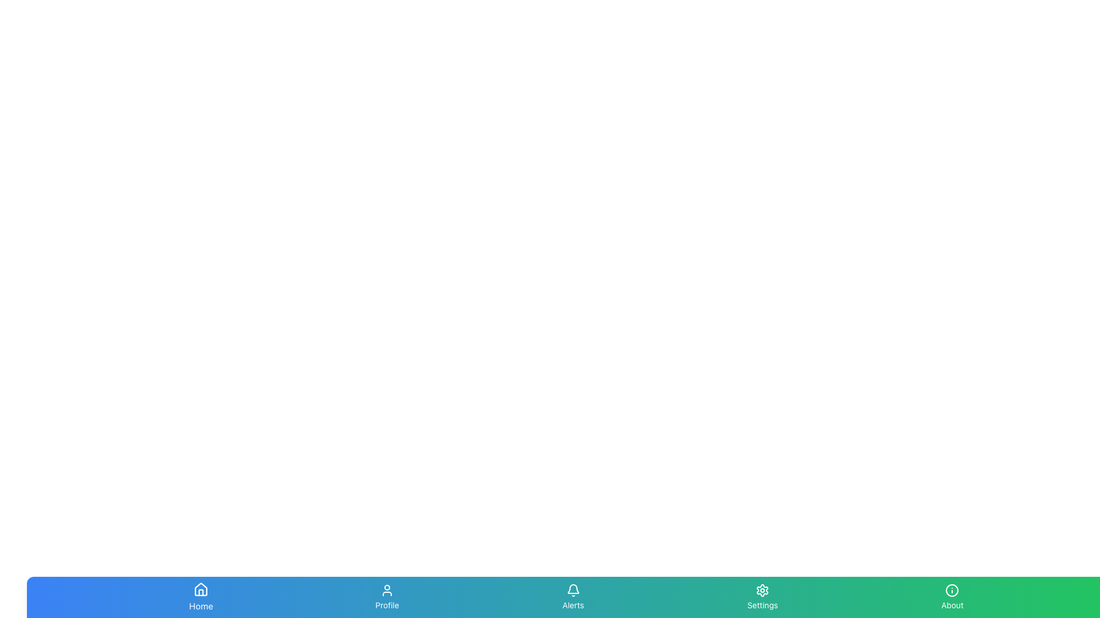 Image resolution: width=1100 pixels, height=618 pixels. What do you see at coordinates (952, 604) in the screenshot?
I see `the 'info' icon located directly above the Text label in the footer bar` at bounding box center [952, 604].